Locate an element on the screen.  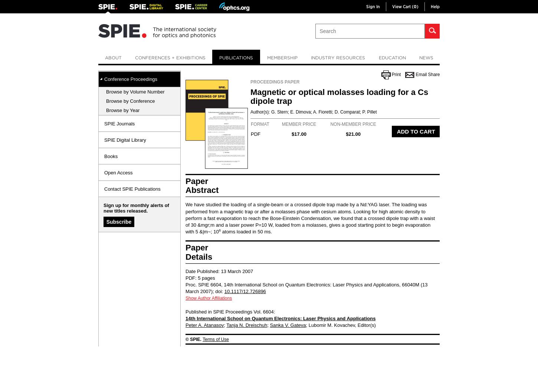
'atoms loaded in 50 ms.' is located at coordinates (246, 231).